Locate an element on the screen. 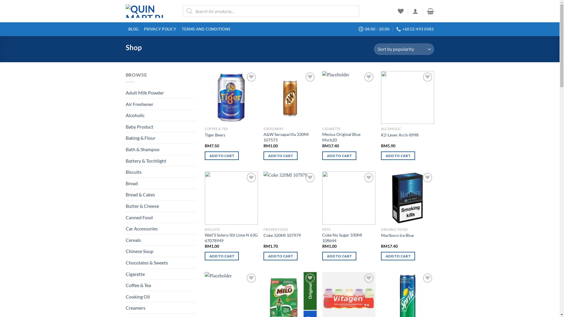 This screenshot has width=564, height=317. 'BLOG' is located at coordinates (133, 29).